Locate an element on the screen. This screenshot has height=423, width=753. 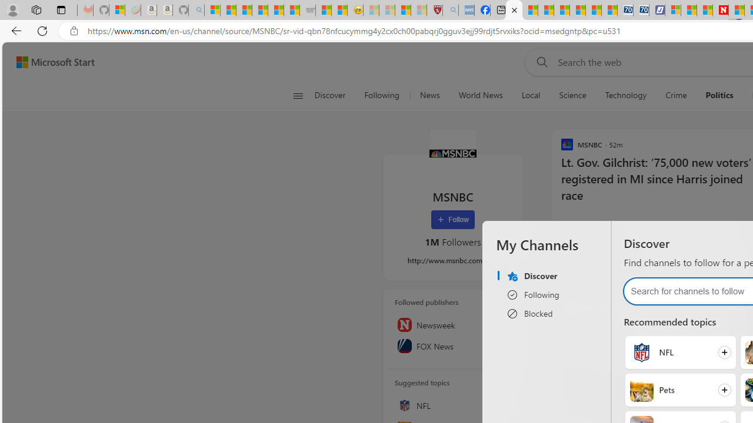
'Technology' is located at coordinates (625, 95).